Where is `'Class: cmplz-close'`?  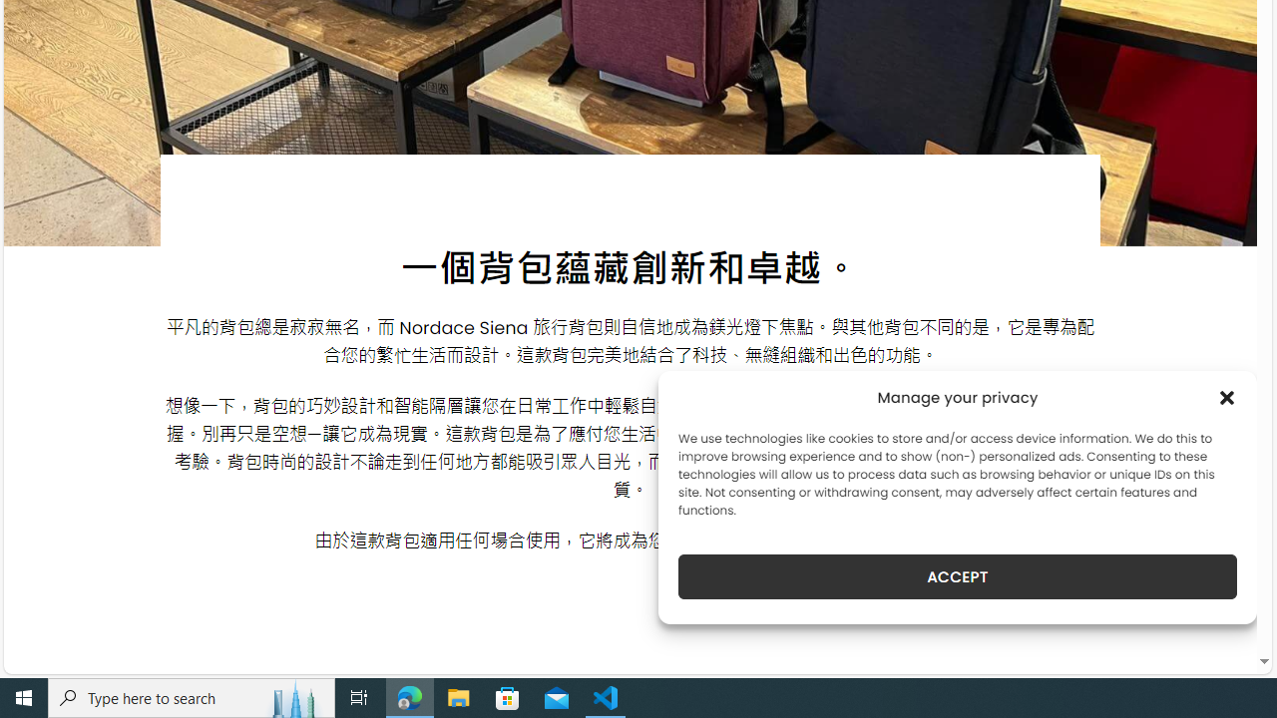 'Class: cmplz-close' is located at coordinates (1226, 397).